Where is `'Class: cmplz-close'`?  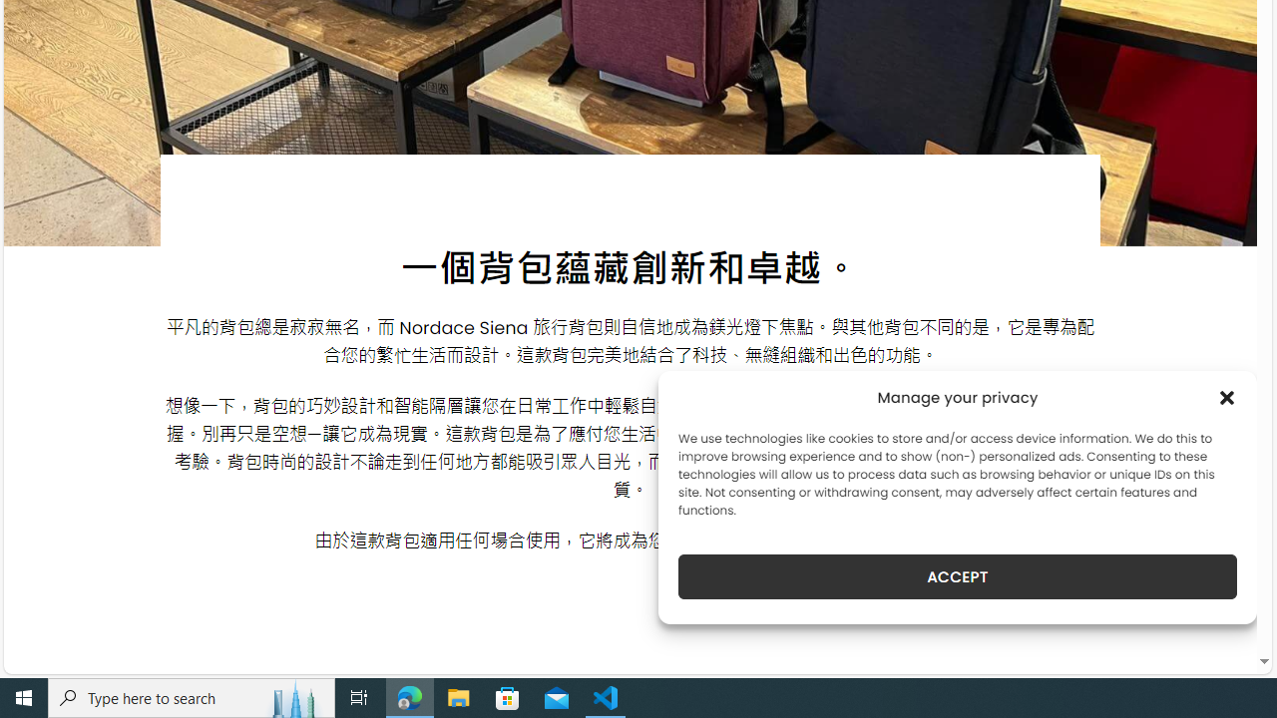 'Class: cmplz-close' is located at coordinates (1226, 397).